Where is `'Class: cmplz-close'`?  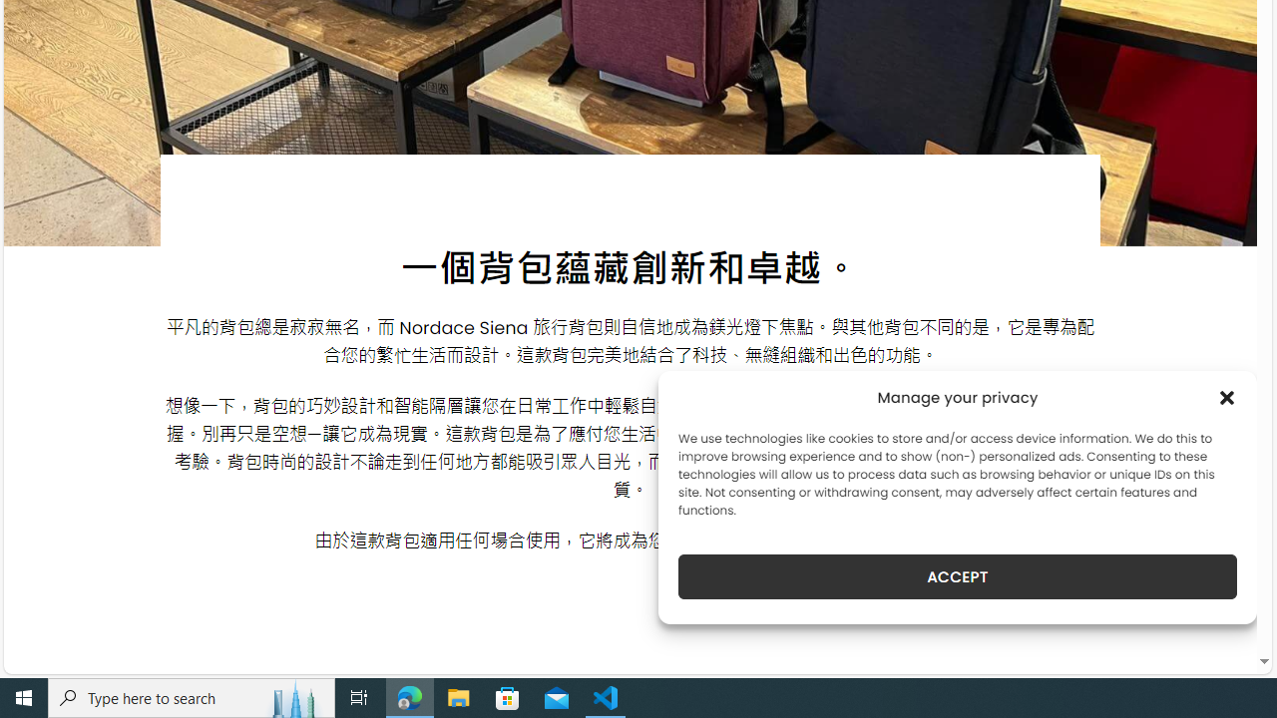 'Class: cmplz-close' is located at coordinates (1226, 397).